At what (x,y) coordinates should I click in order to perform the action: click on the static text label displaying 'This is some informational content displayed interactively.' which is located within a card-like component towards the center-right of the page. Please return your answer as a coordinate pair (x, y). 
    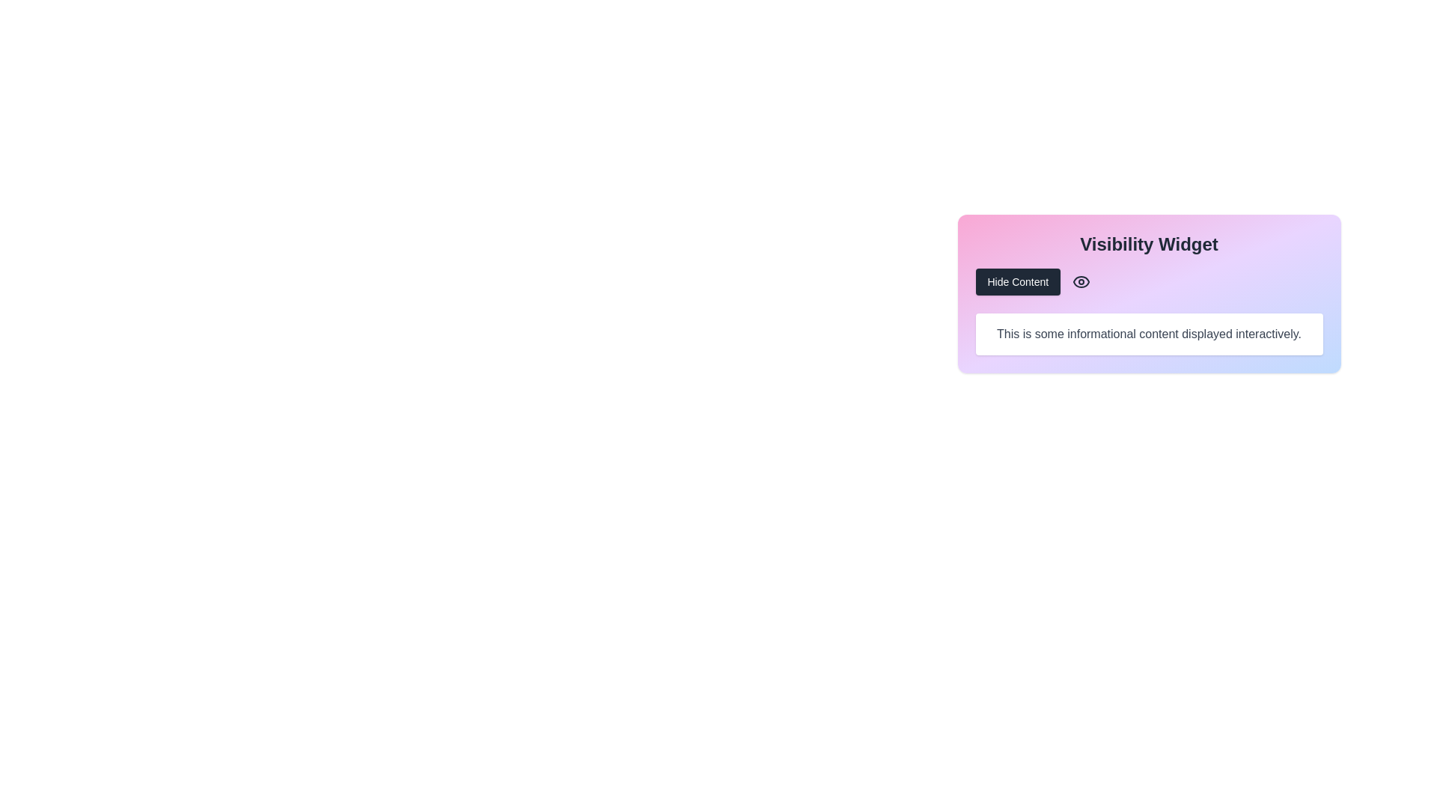
    Looking at the image, I should click on (1148, 334).